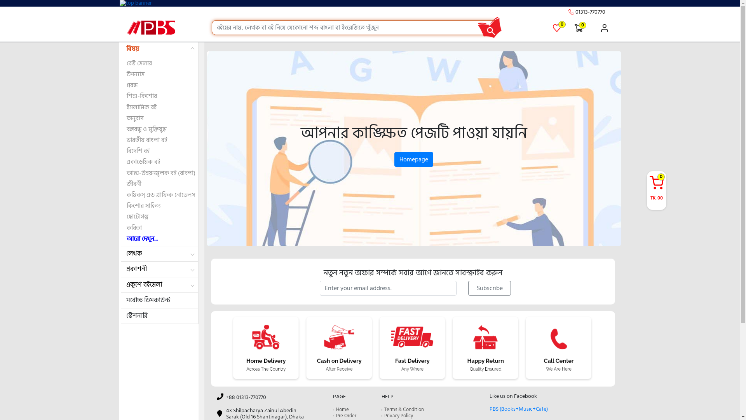 The height and width of the screenshot is (420, 746). Describe the element at coordinates (404, 409) in the screenshot. I see `'Terms & Condition'` at that location.